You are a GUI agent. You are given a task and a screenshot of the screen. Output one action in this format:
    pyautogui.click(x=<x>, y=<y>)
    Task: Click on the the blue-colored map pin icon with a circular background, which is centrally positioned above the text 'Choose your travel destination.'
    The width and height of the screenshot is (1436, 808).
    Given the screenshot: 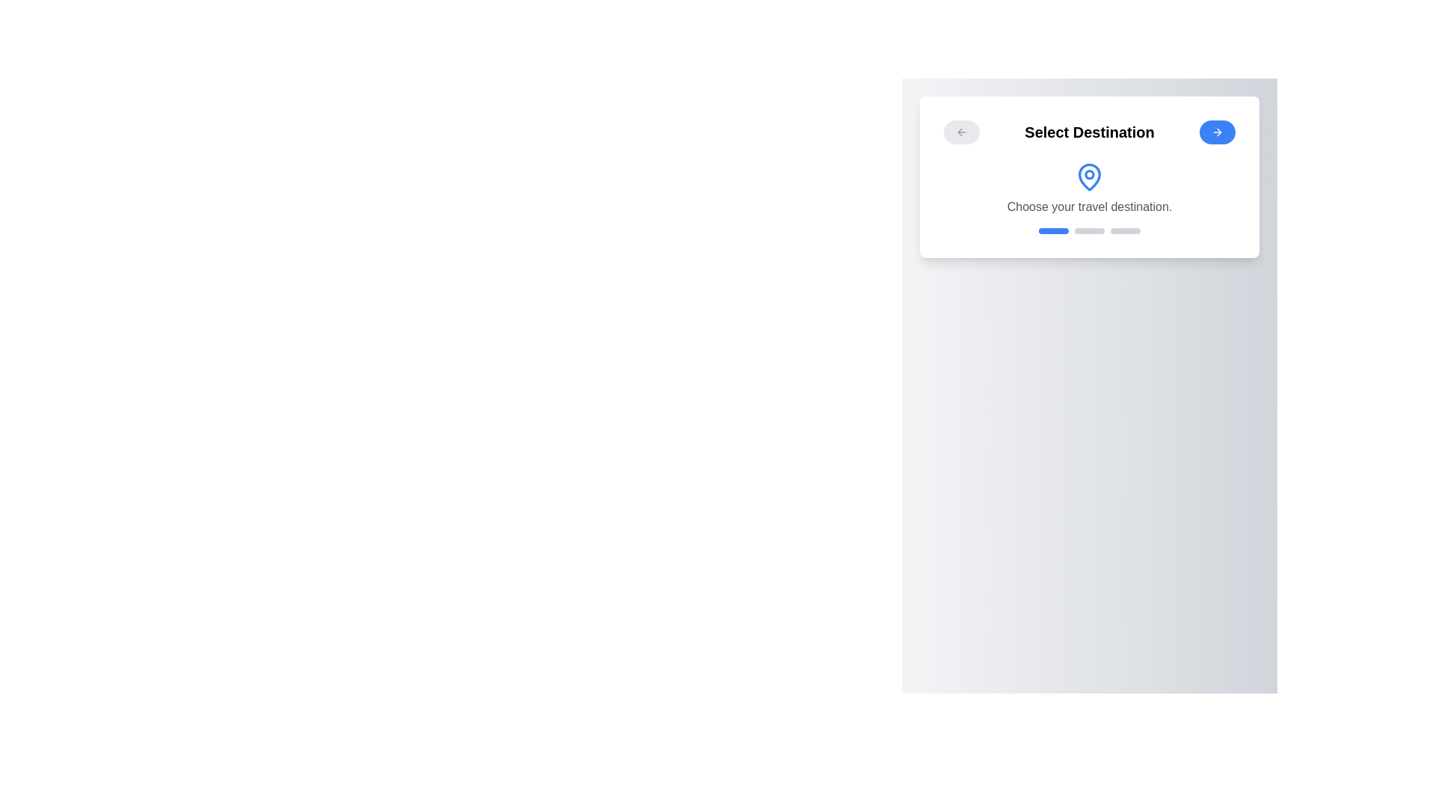 What is the action you would take?
    pyautogui.click(x=1090, y=176)
    